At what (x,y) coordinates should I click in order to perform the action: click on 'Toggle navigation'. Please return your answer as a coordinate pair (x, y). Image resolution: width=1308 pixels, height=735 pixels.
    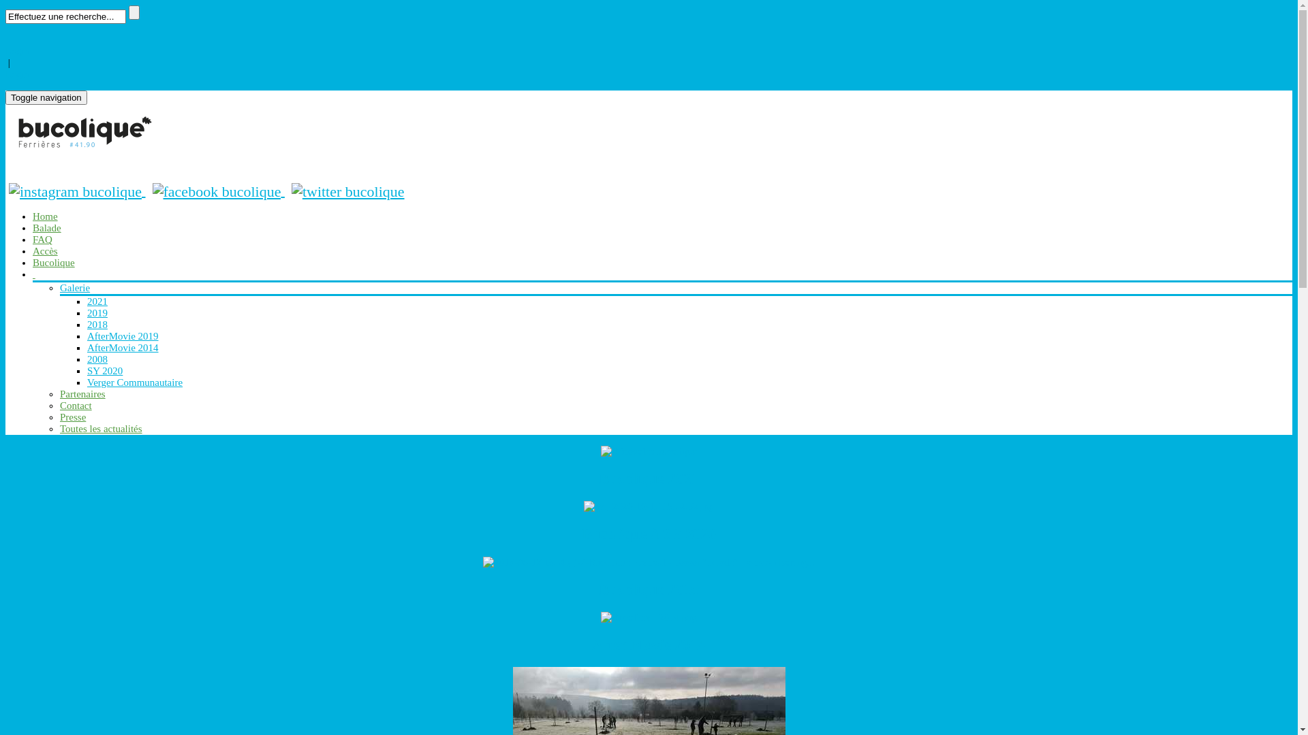
    Looking at the image, I should click on (46, 97).